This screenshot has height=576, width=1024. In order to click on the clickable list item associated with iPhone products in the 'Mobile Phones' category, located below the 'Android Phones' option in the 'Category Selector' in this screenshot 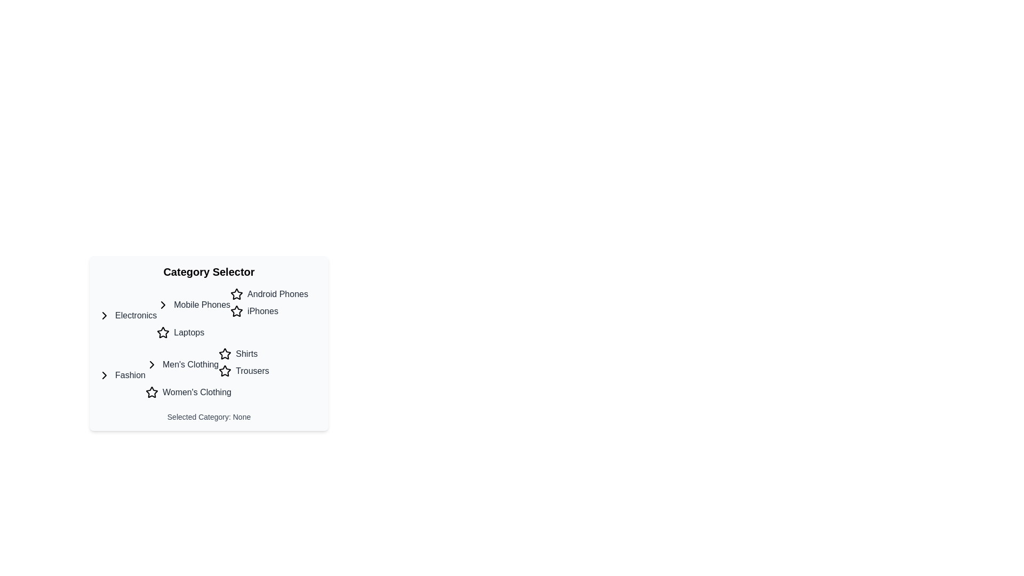, I will do `click(269, 311)`.